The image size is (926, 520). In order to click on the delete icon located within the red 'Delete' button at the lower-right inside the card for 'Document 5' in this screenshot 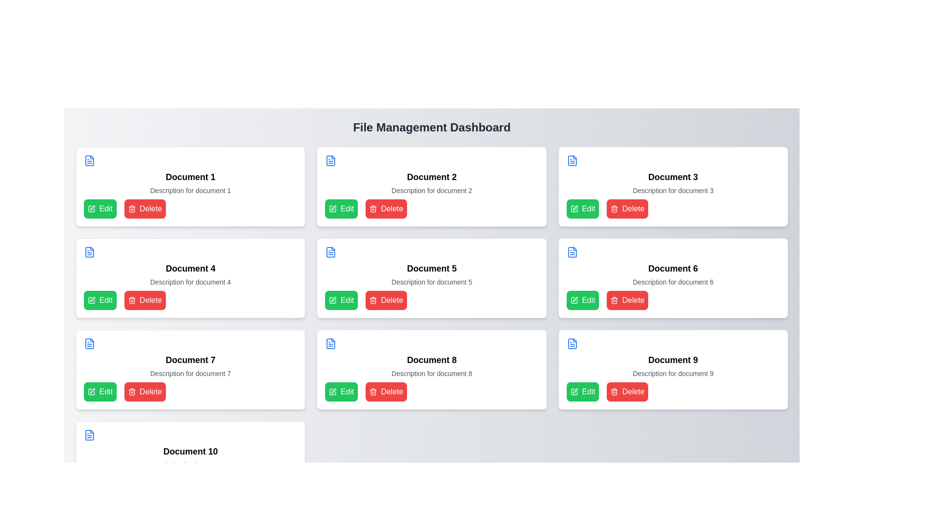, I will do `click(614, 300)`.